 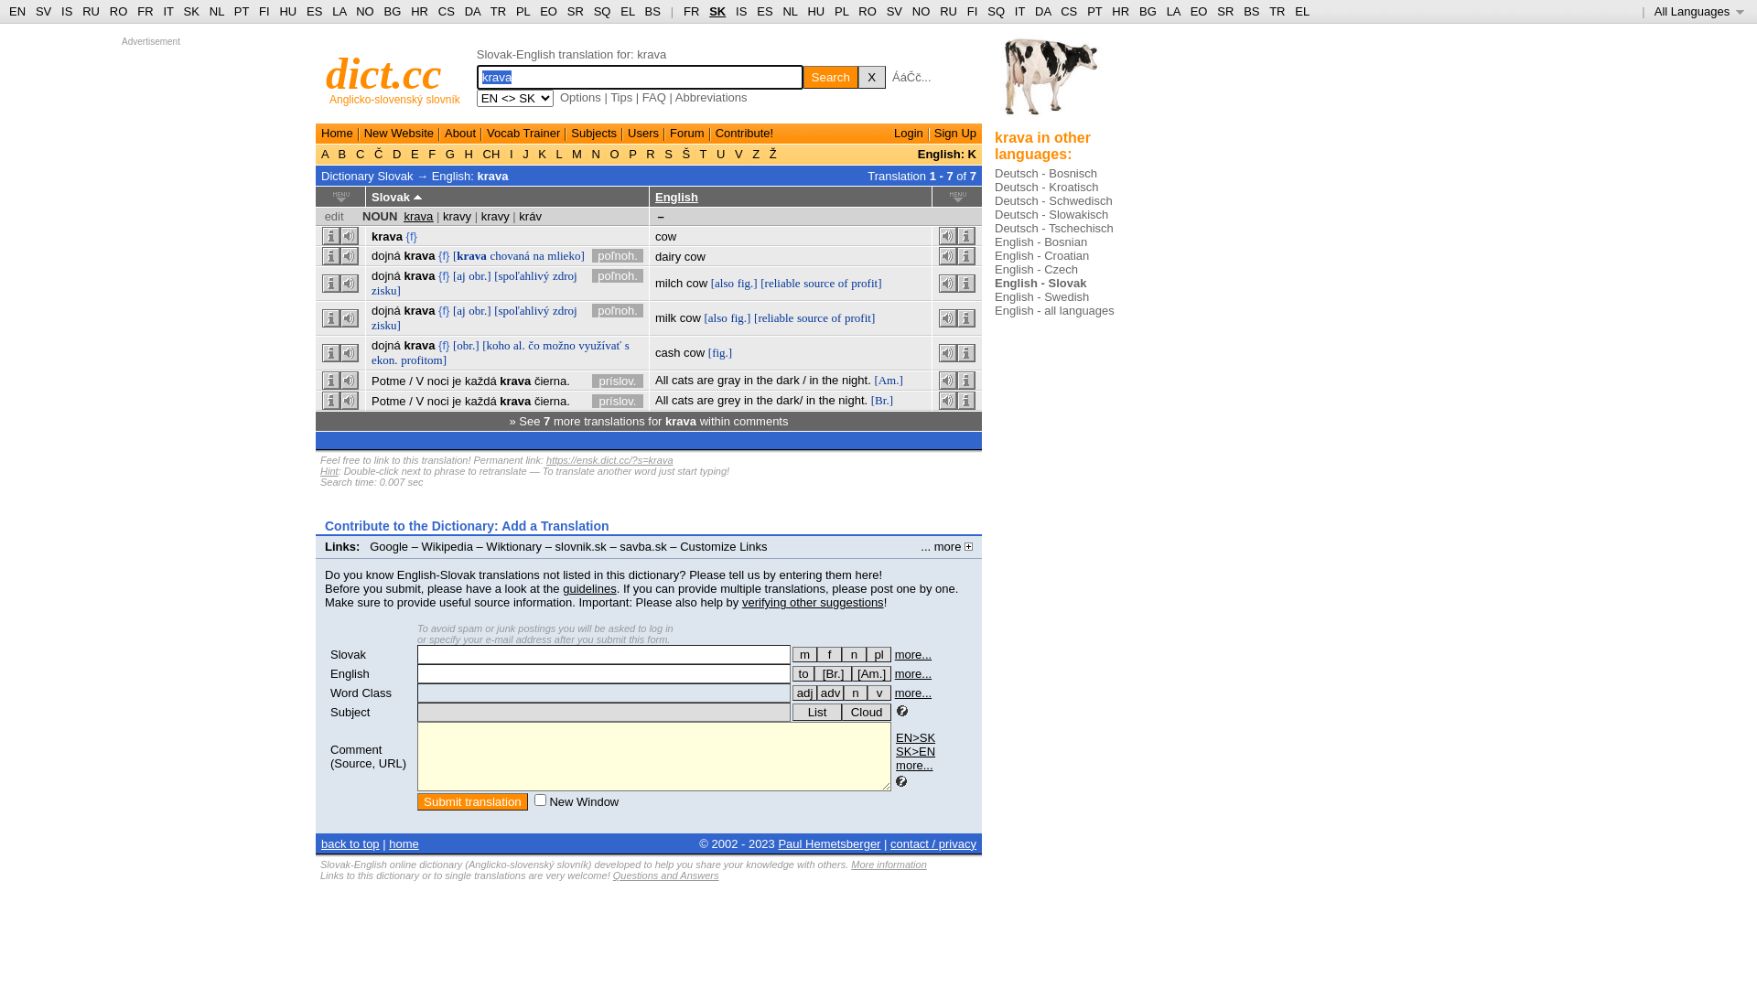 What do you see at coordinates (865, 653) in the screenshot?
I see `'pl'` at bounding box center [865, 653].